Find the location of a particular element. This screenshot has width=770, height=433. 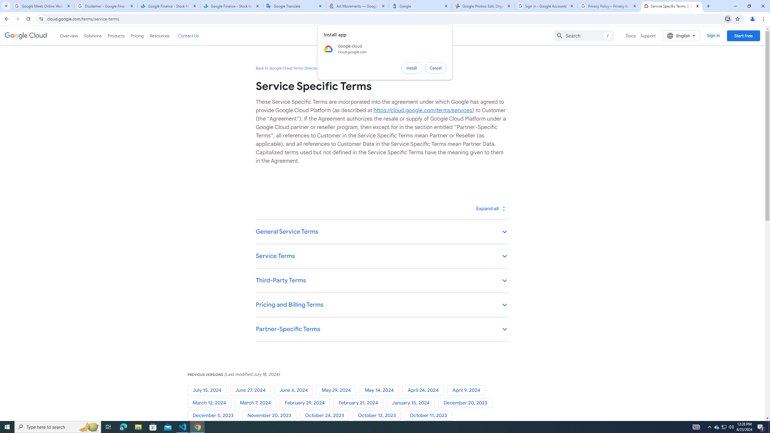

'February 21, 2024' is located at coordinates (359, 402).